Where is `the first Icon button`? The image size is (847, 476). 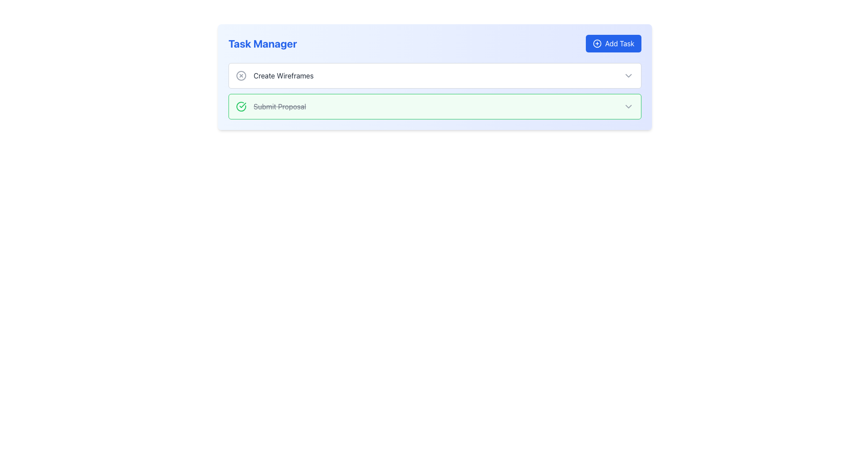 the first Icon button is located at coordinates (241, 75).